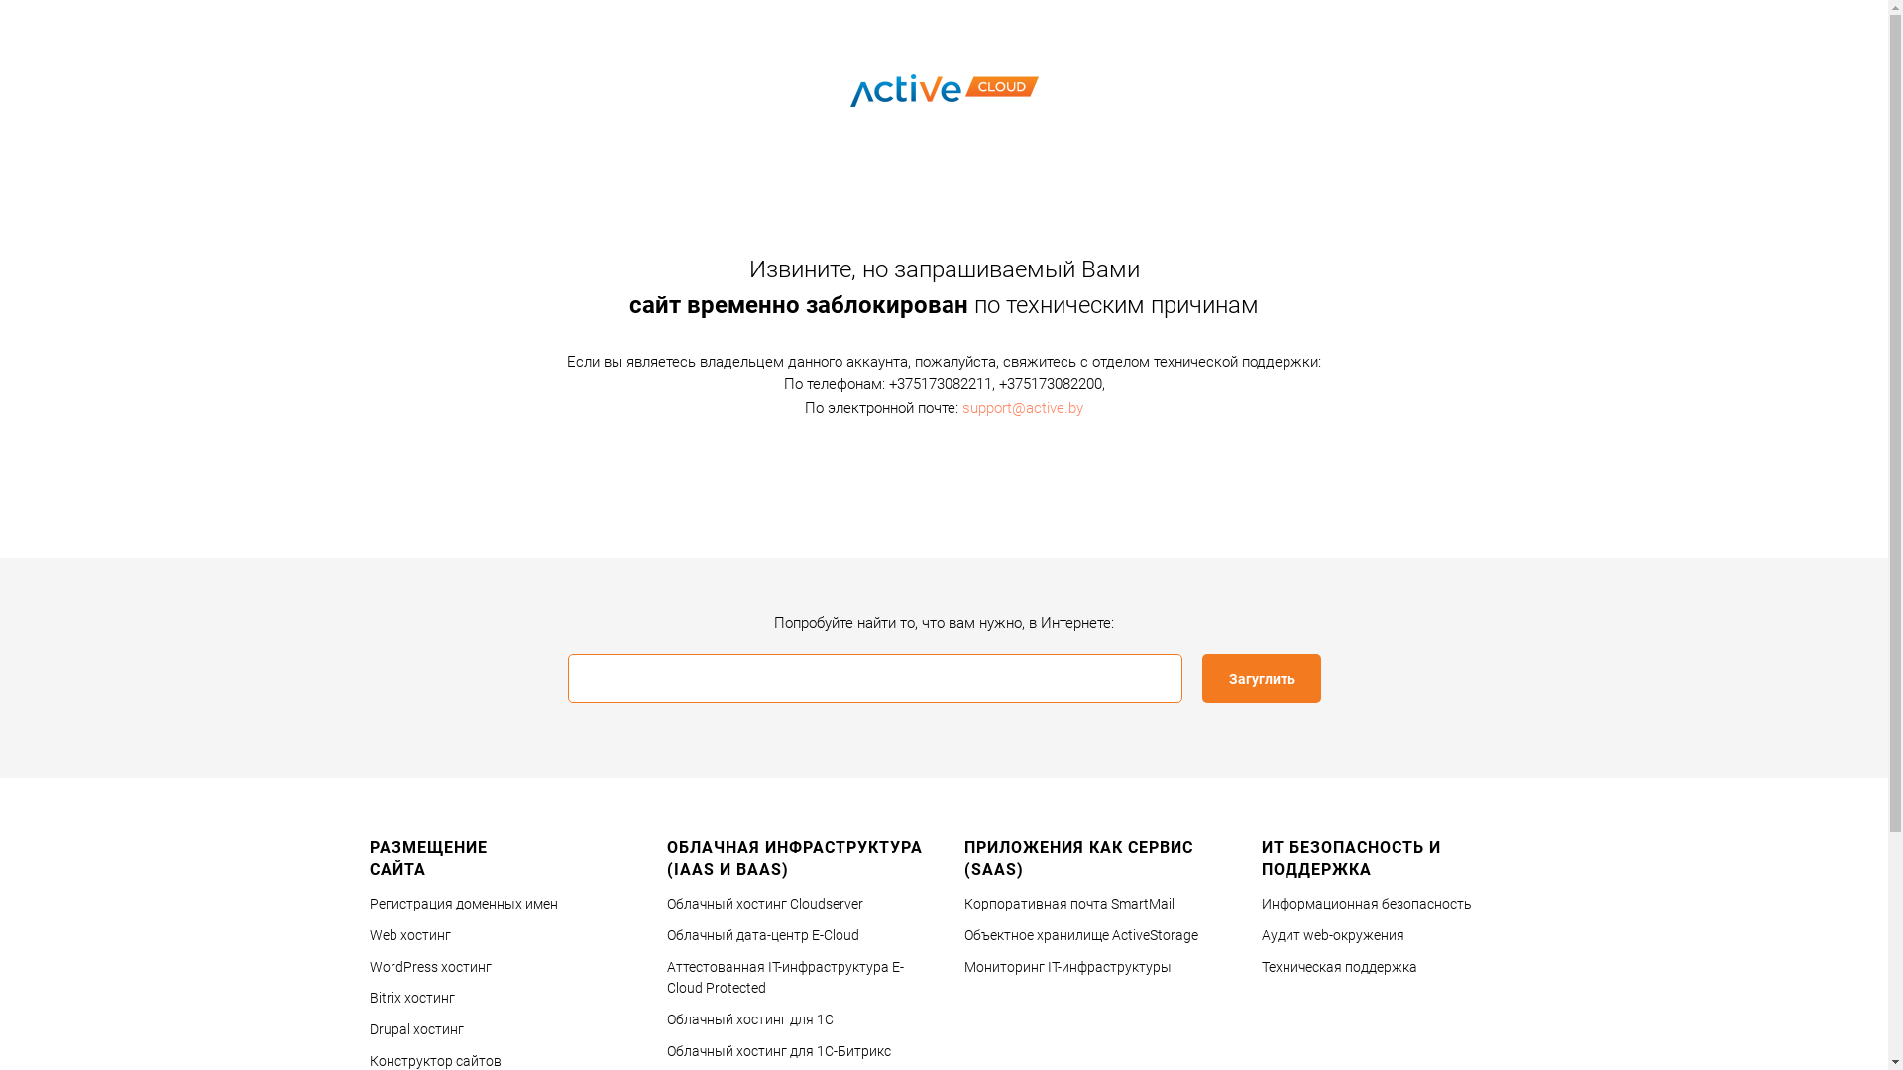  What do you see at coordinates (1023, 406) in the screenshot?
I see `'support@active.by'` at bounding box center [1023, 406].